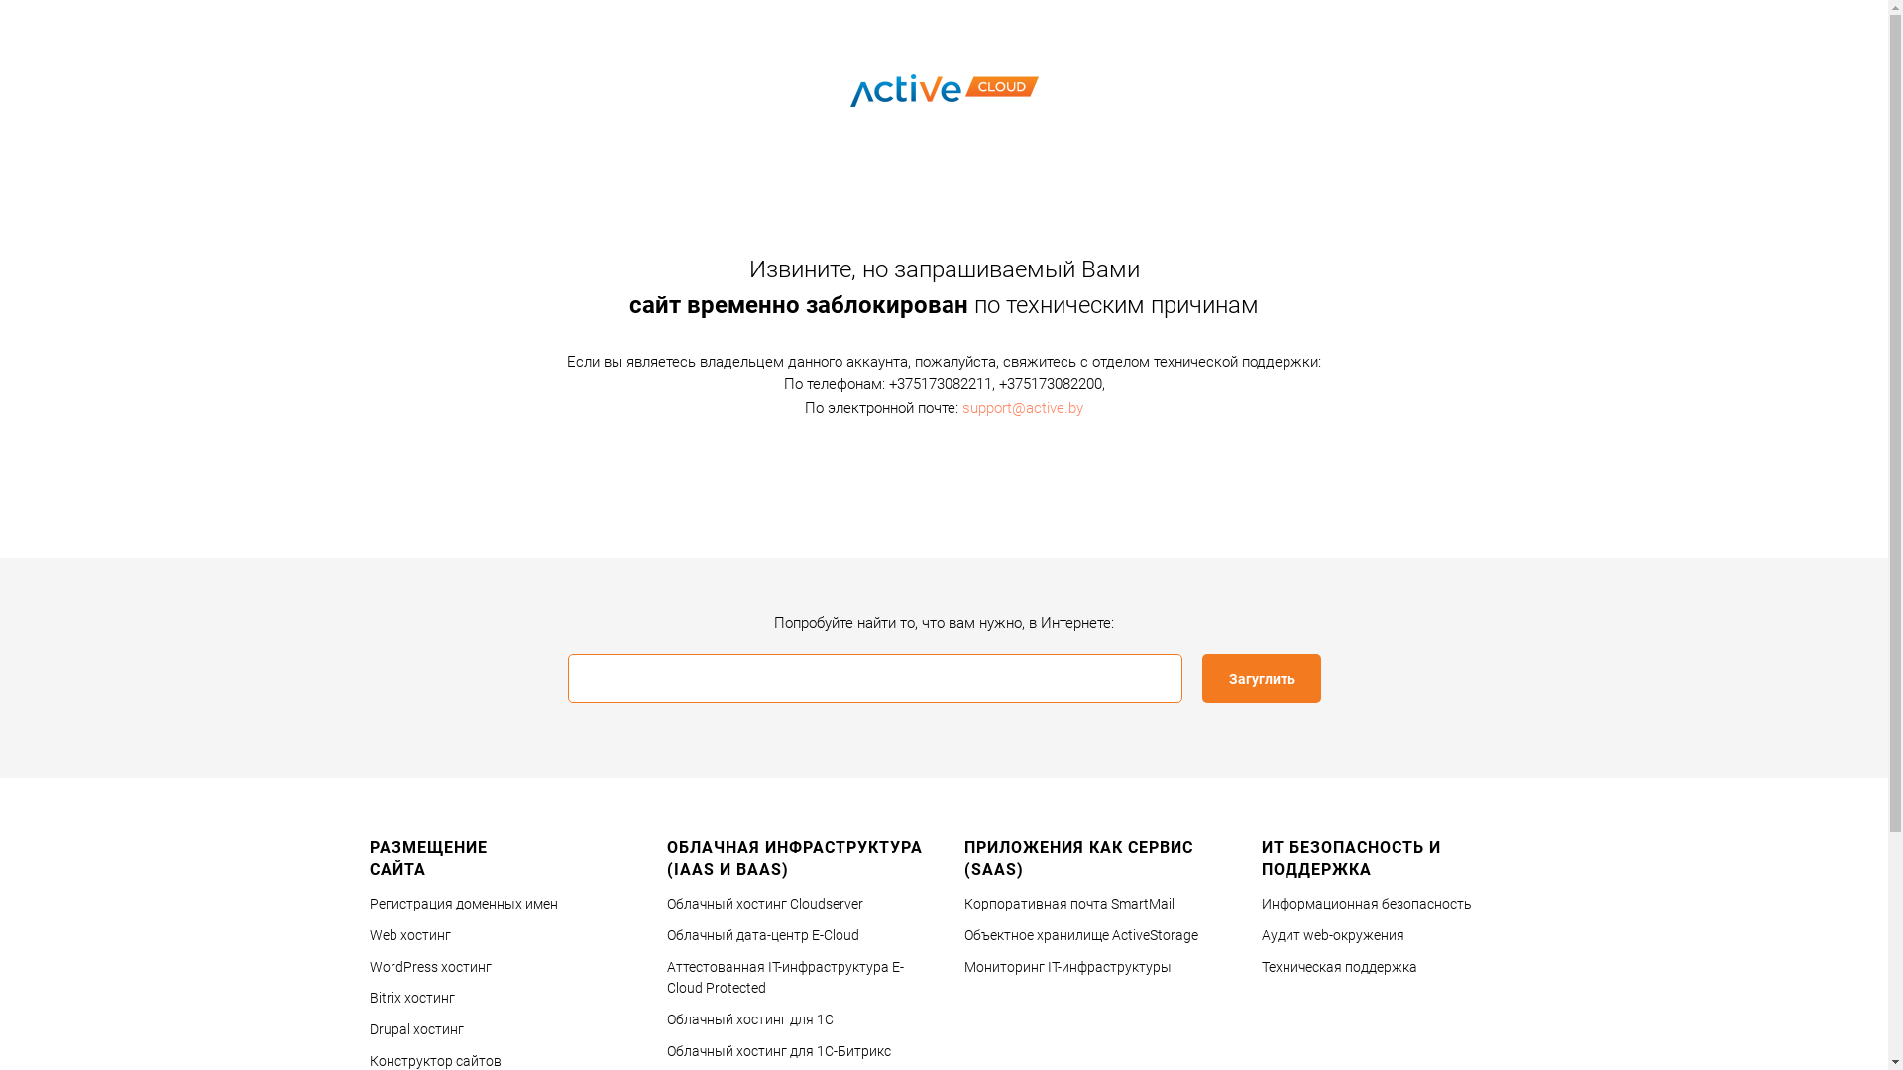  What do you see at coordinates (1023, 406) in the screenshot?
I see `'support@active.by'` at bounding box center [1023, 406].